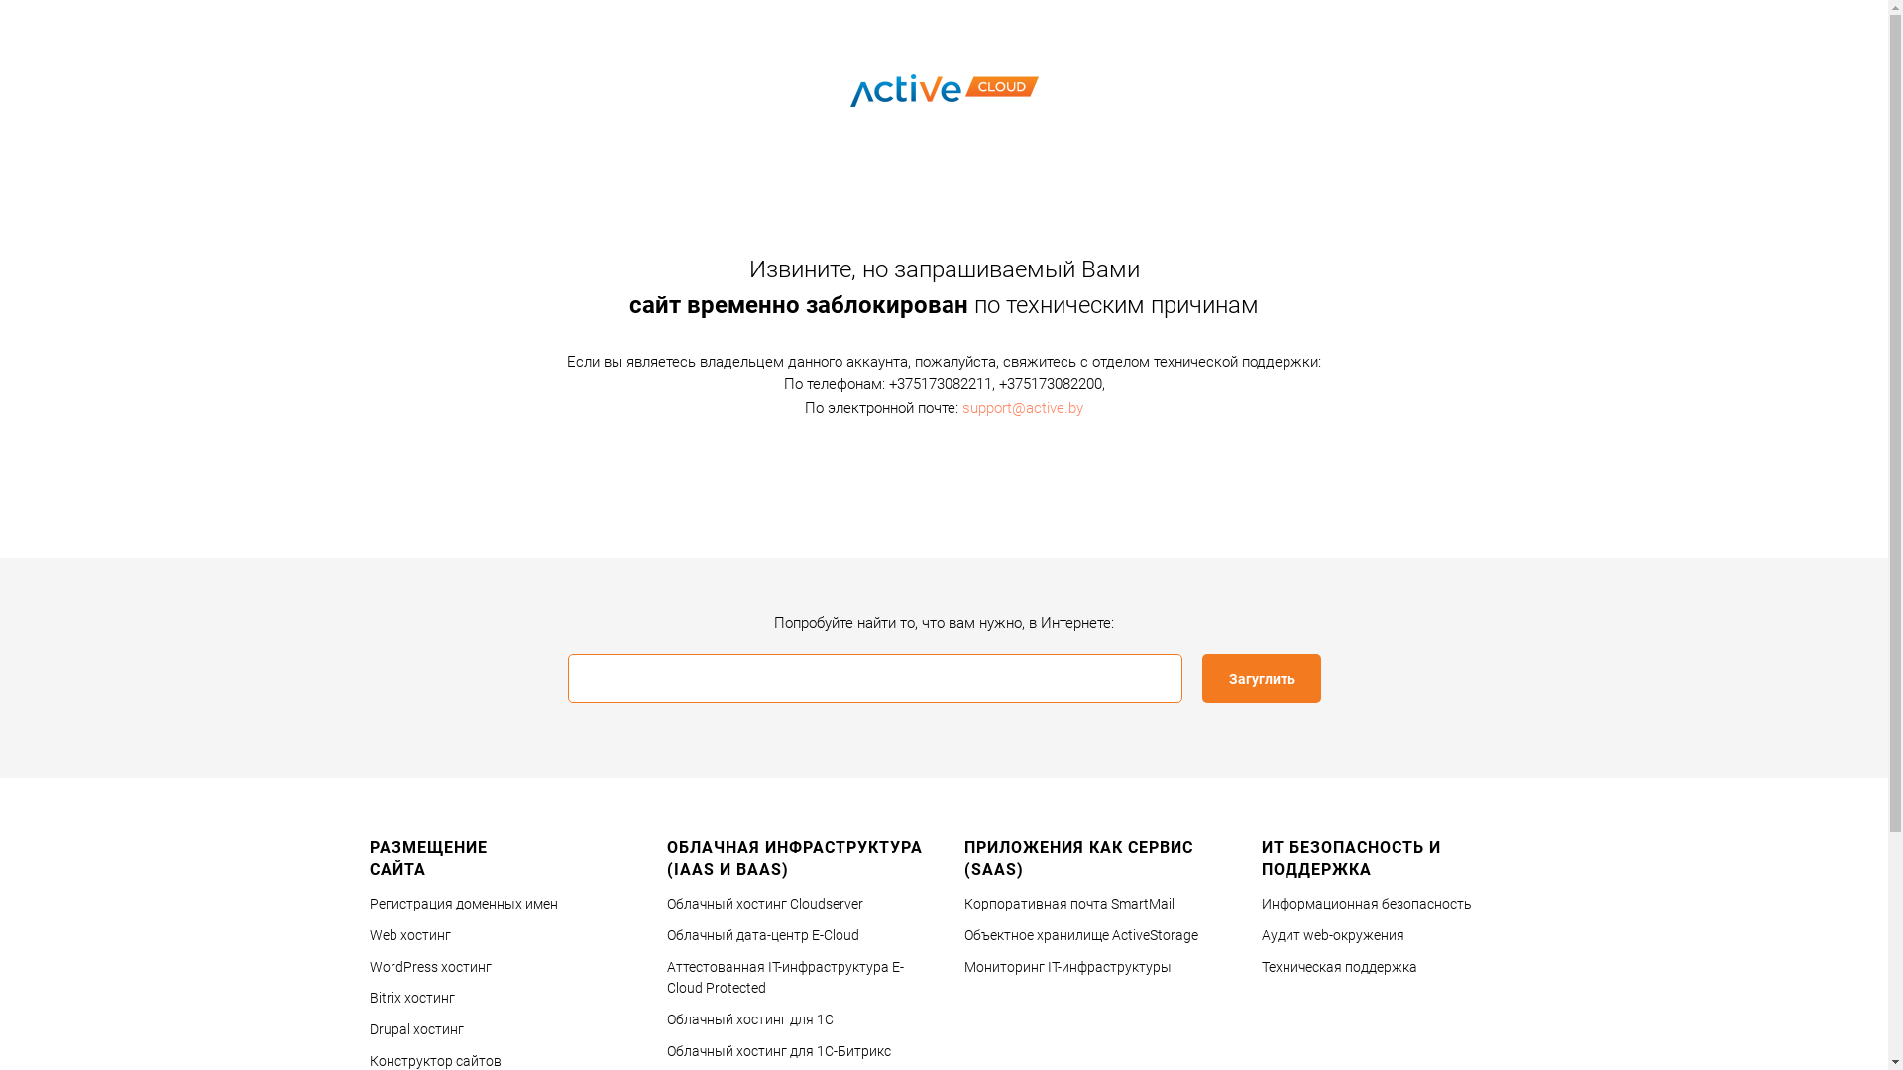  What do you see at coordinates (1023, 406) in the screenshot?
I see `'support@active.by'` at bounding box center [1023, 406].